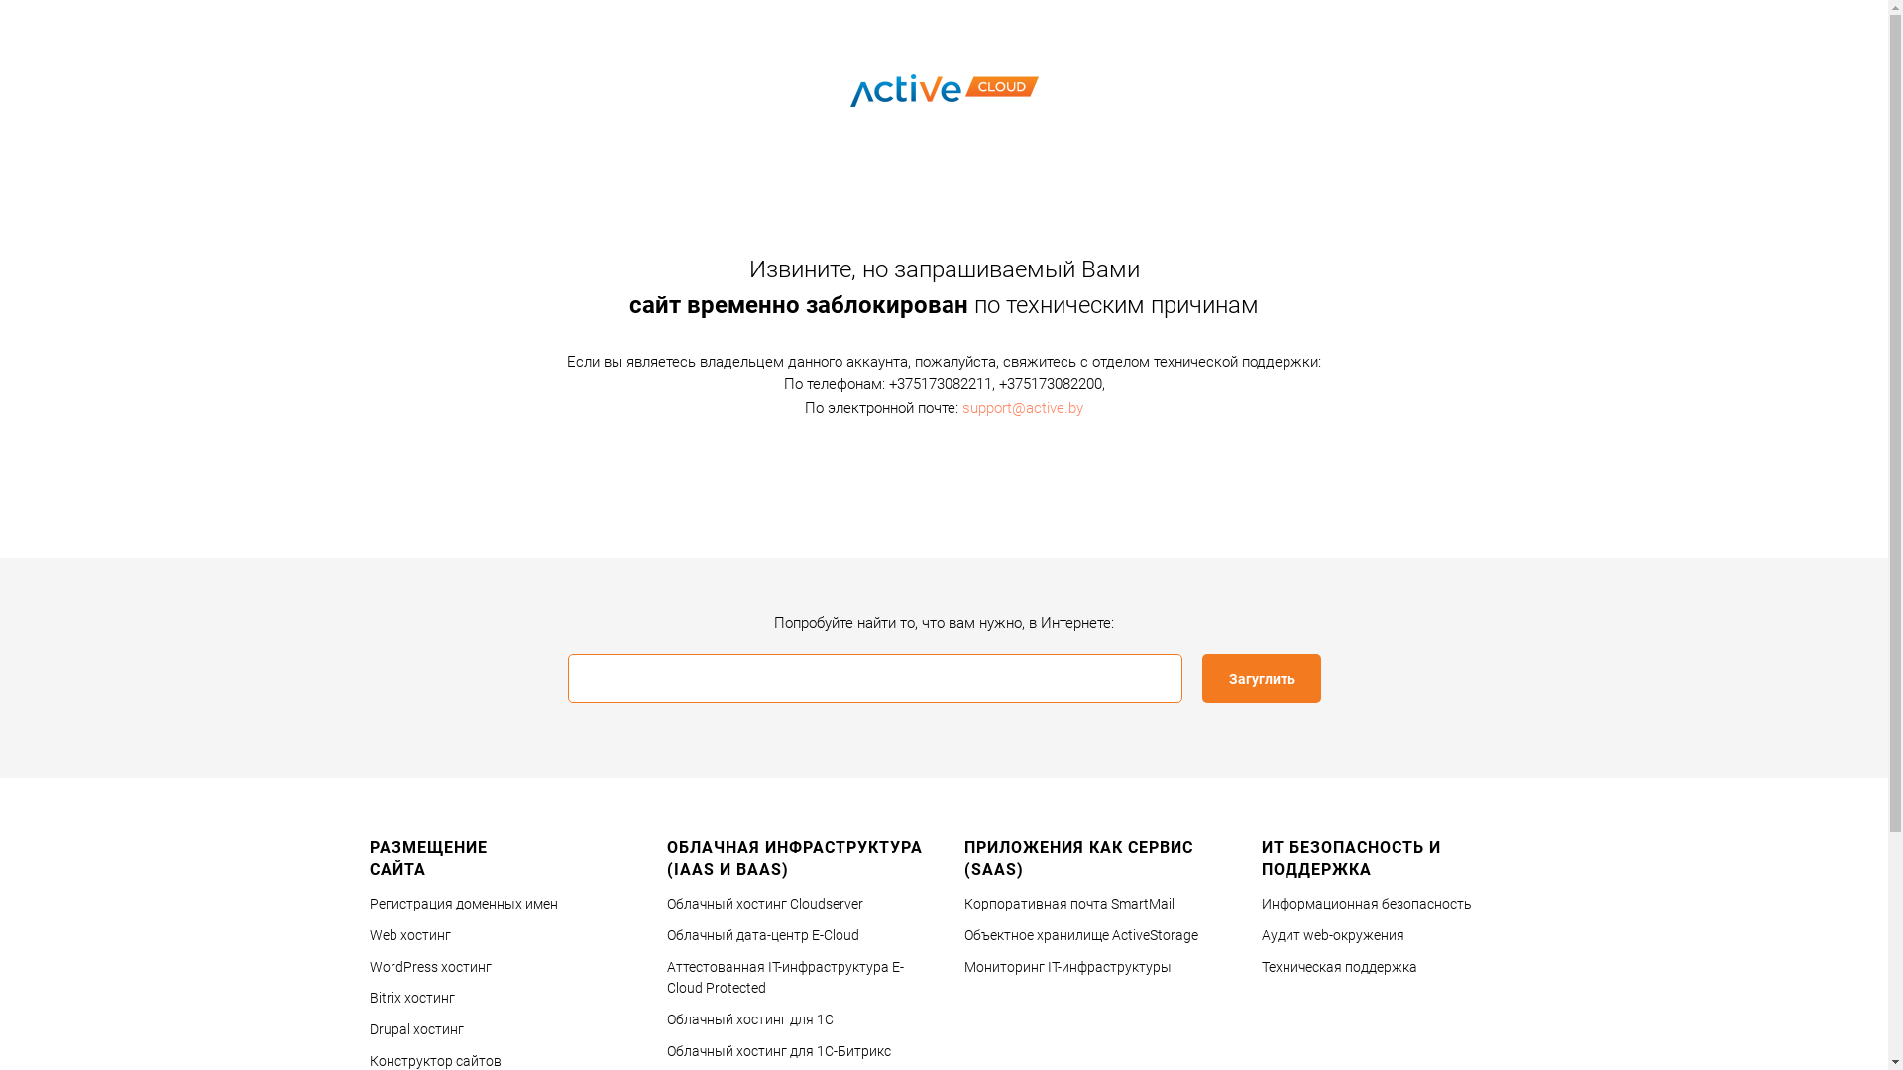  What do you see at coordinates (1023, 406) in the screenshot?
I see `'support@active.by'` at bounding box center [1023, 406].